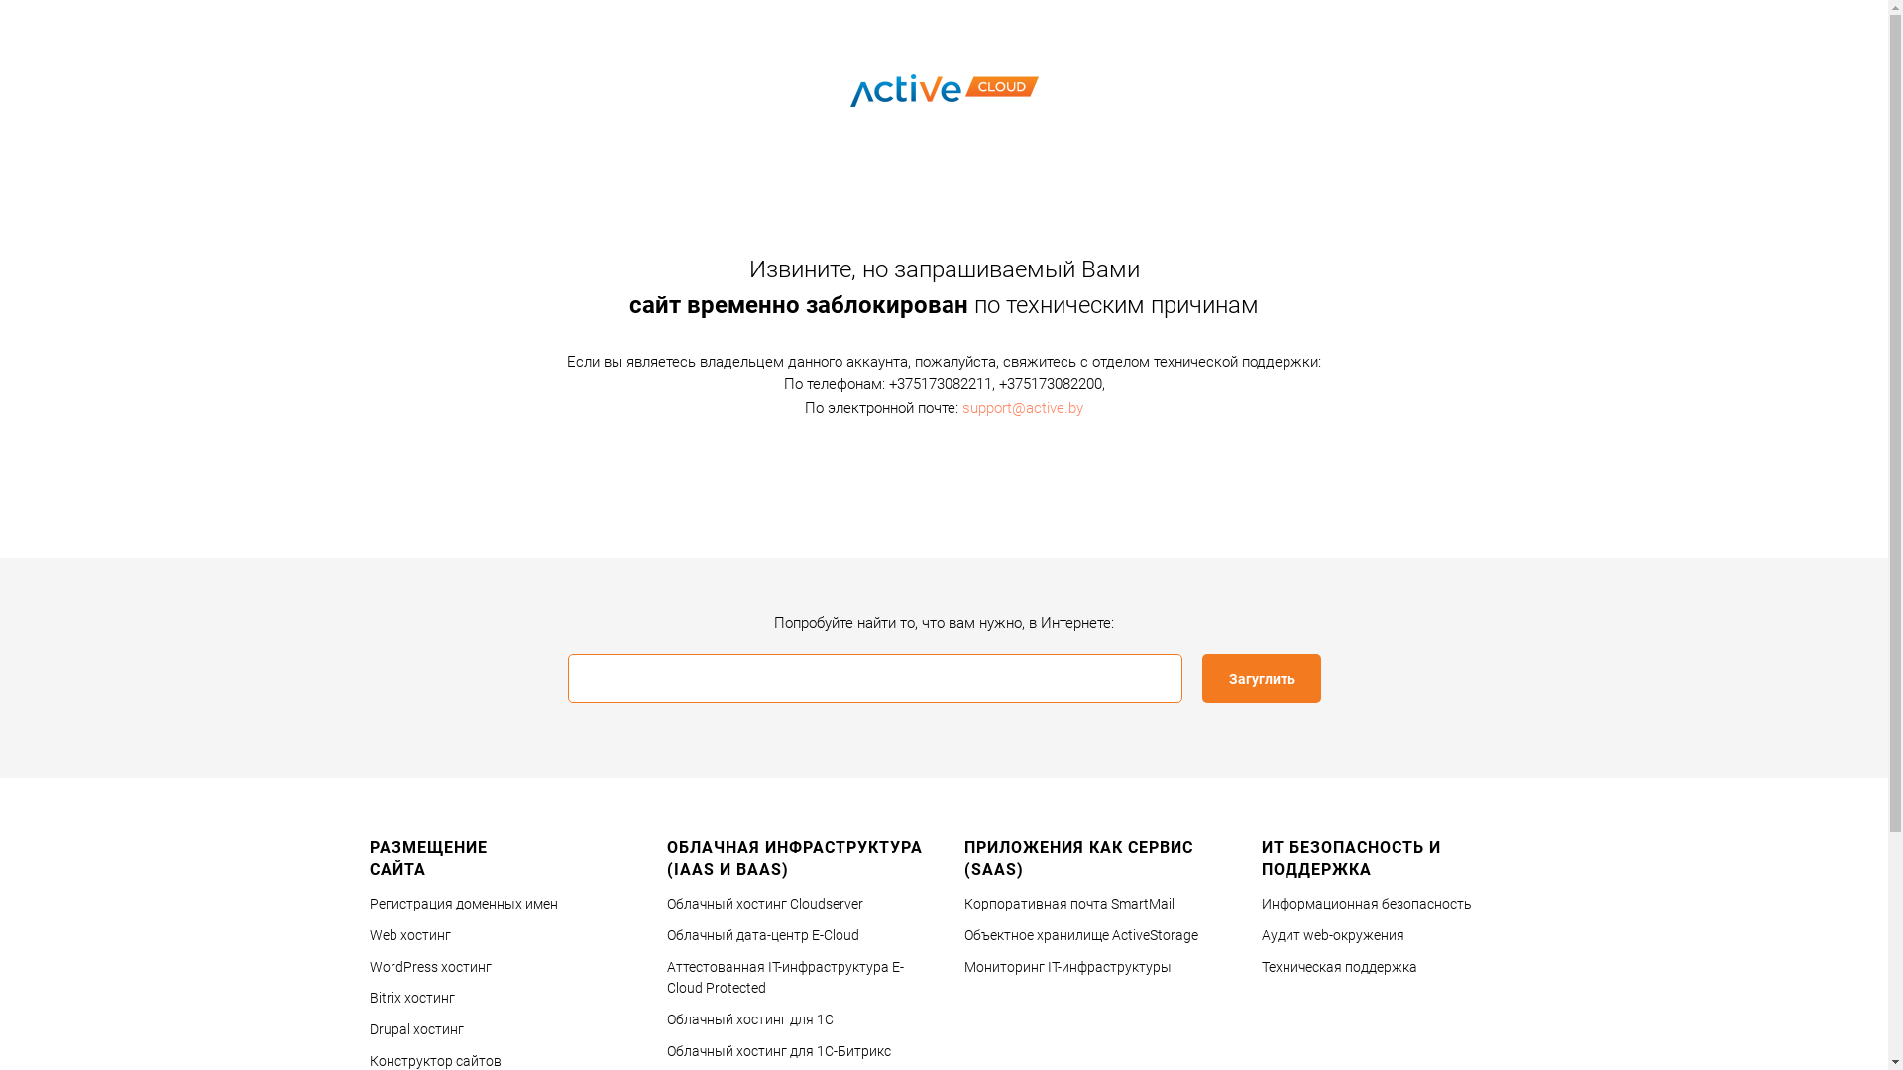  What do you see at coordinates (1023, 406) in the screenshot?
I see `'support@active.by'` at bounding box center [1023, 406].